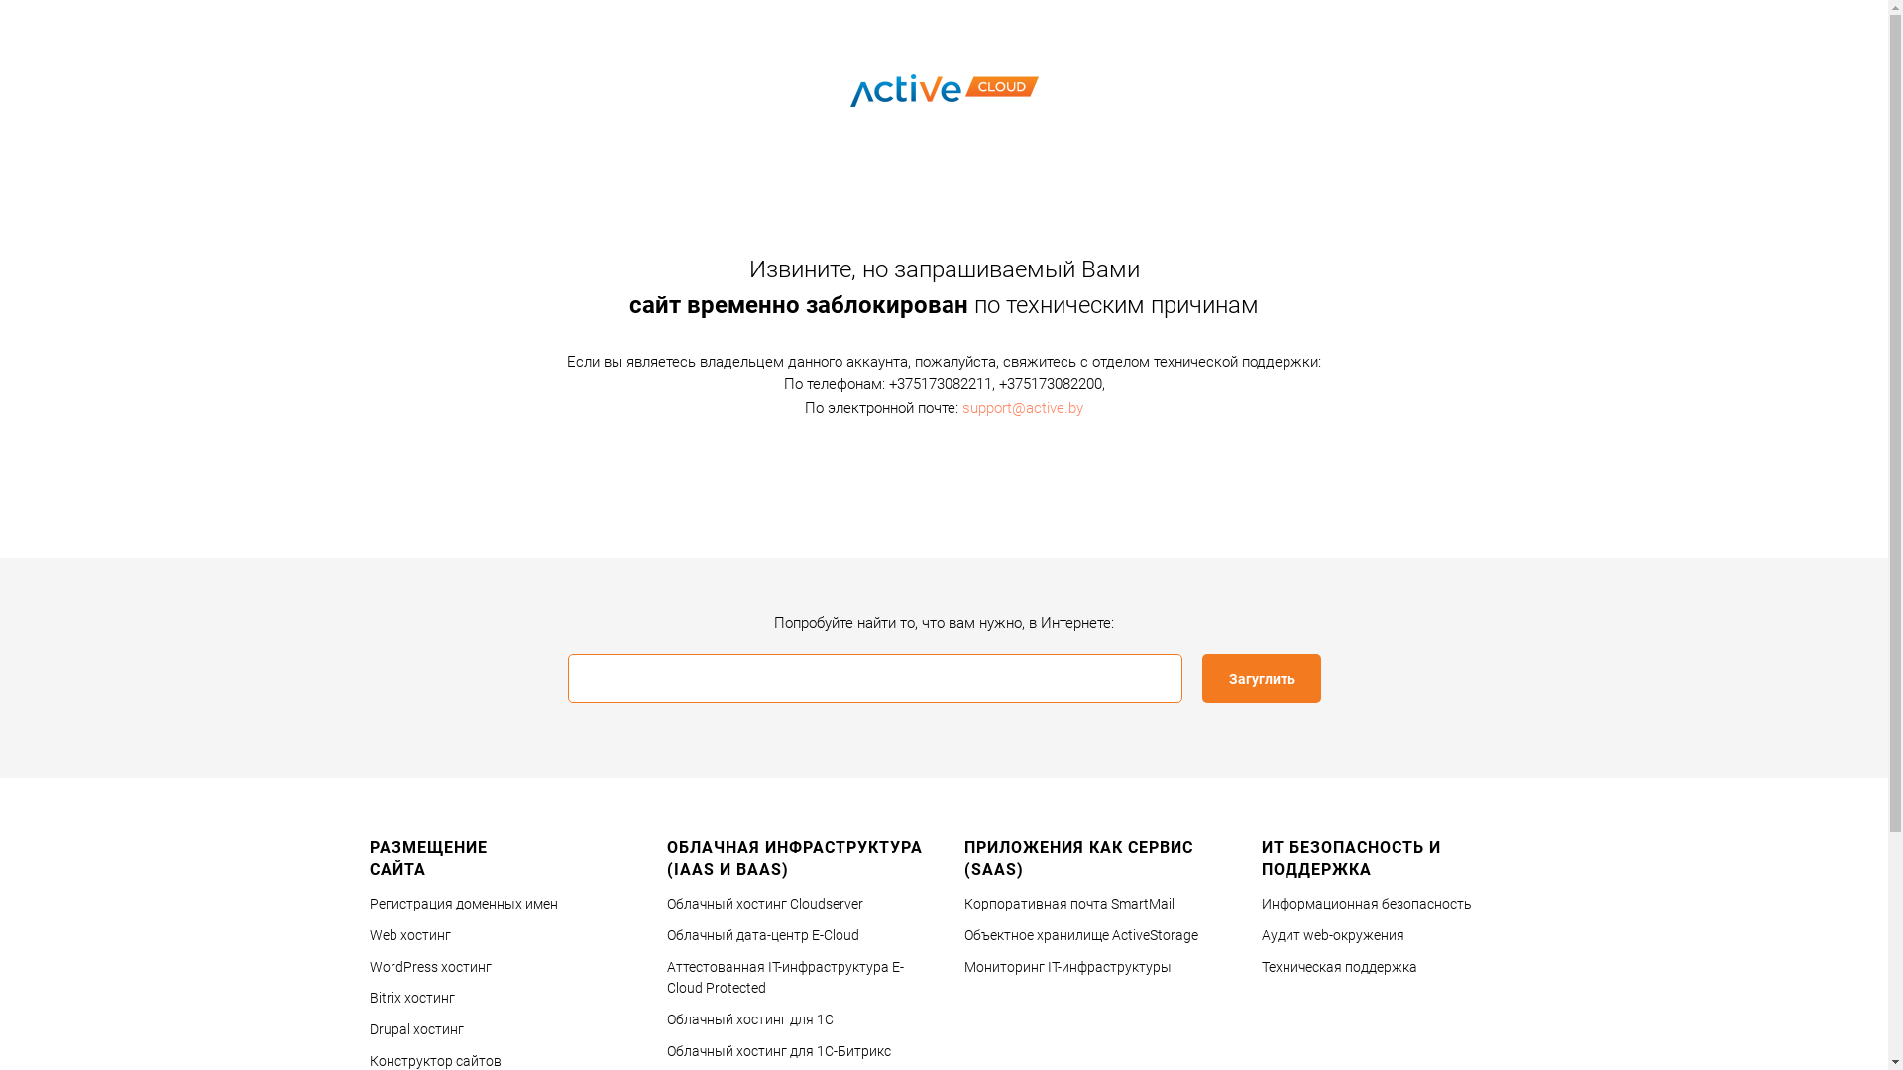  What do you see at coordinates (1023, 406) in the screenshot?
I see `'support@active.by'` at bounding box center [1023, 406].